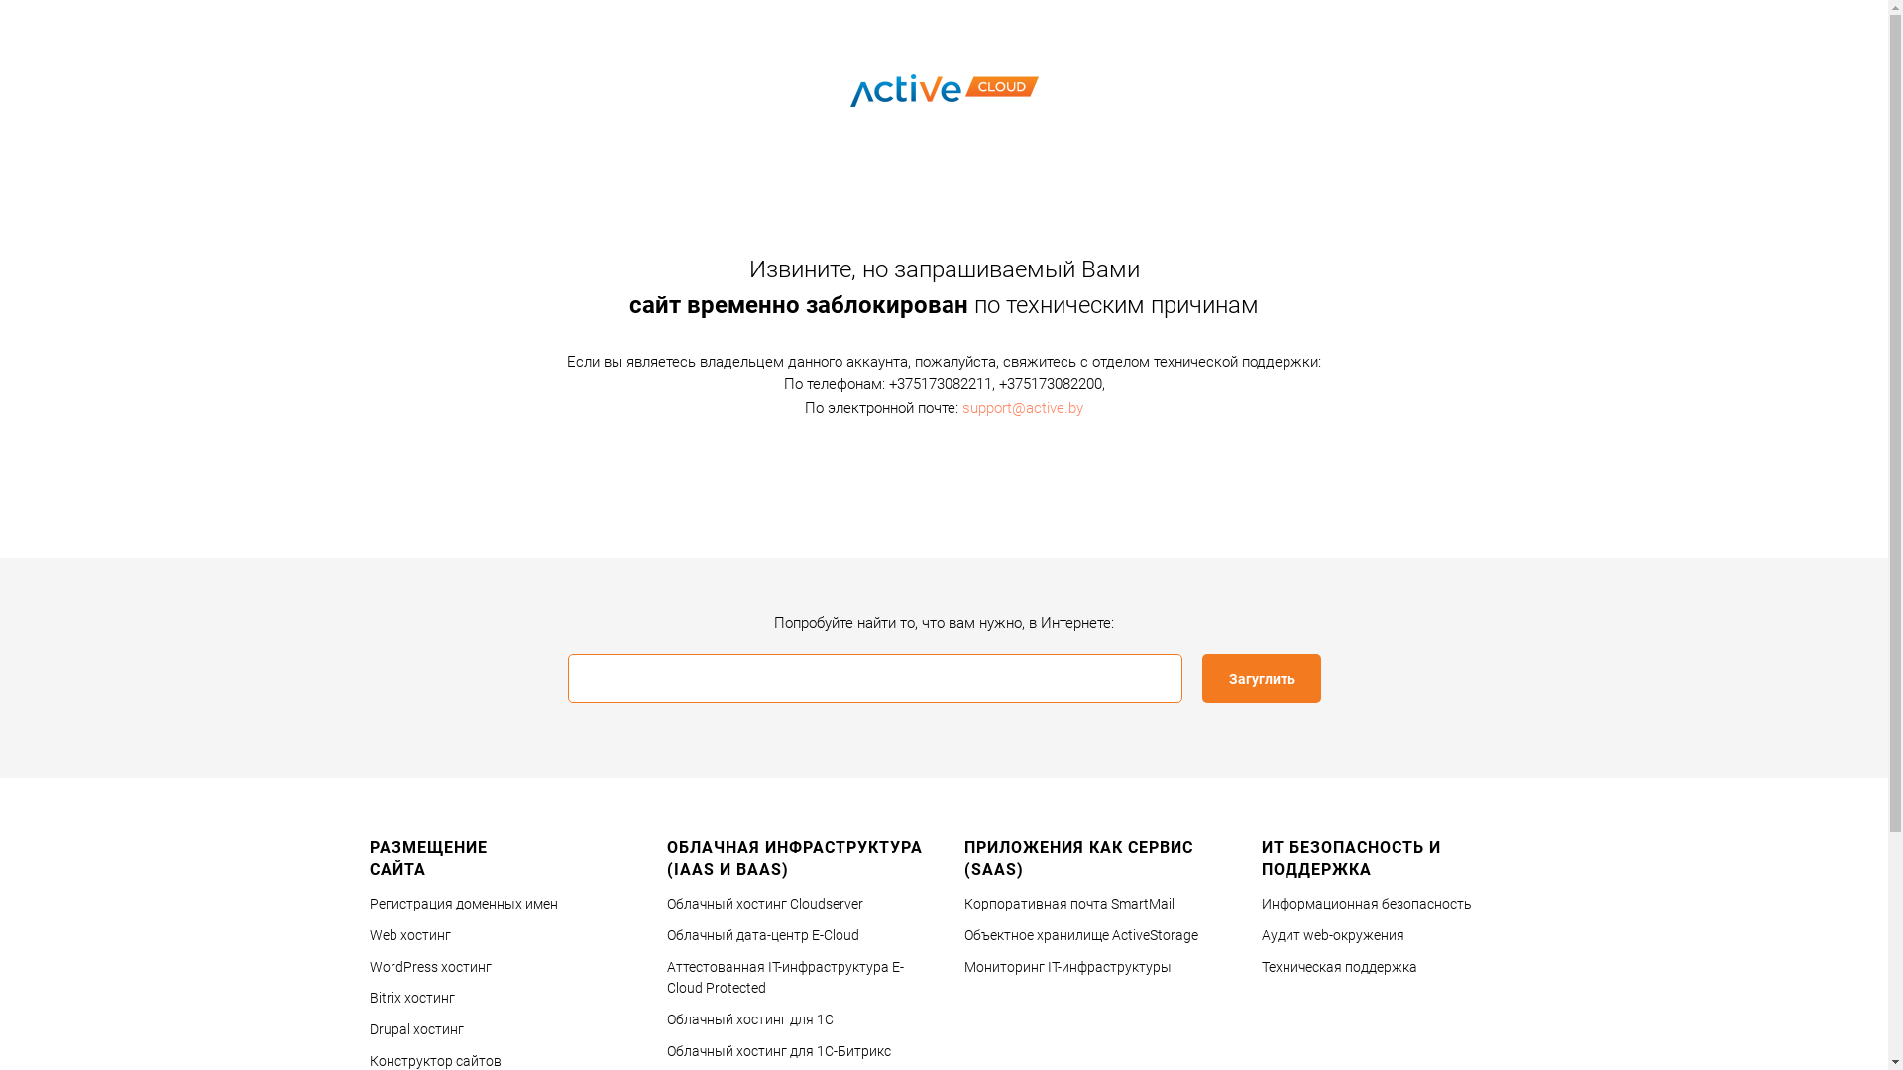  What do you see at coordinates (1023, 406) in the screenshot?
I see `'support@active.by'` at bounding box center [1023, 406].